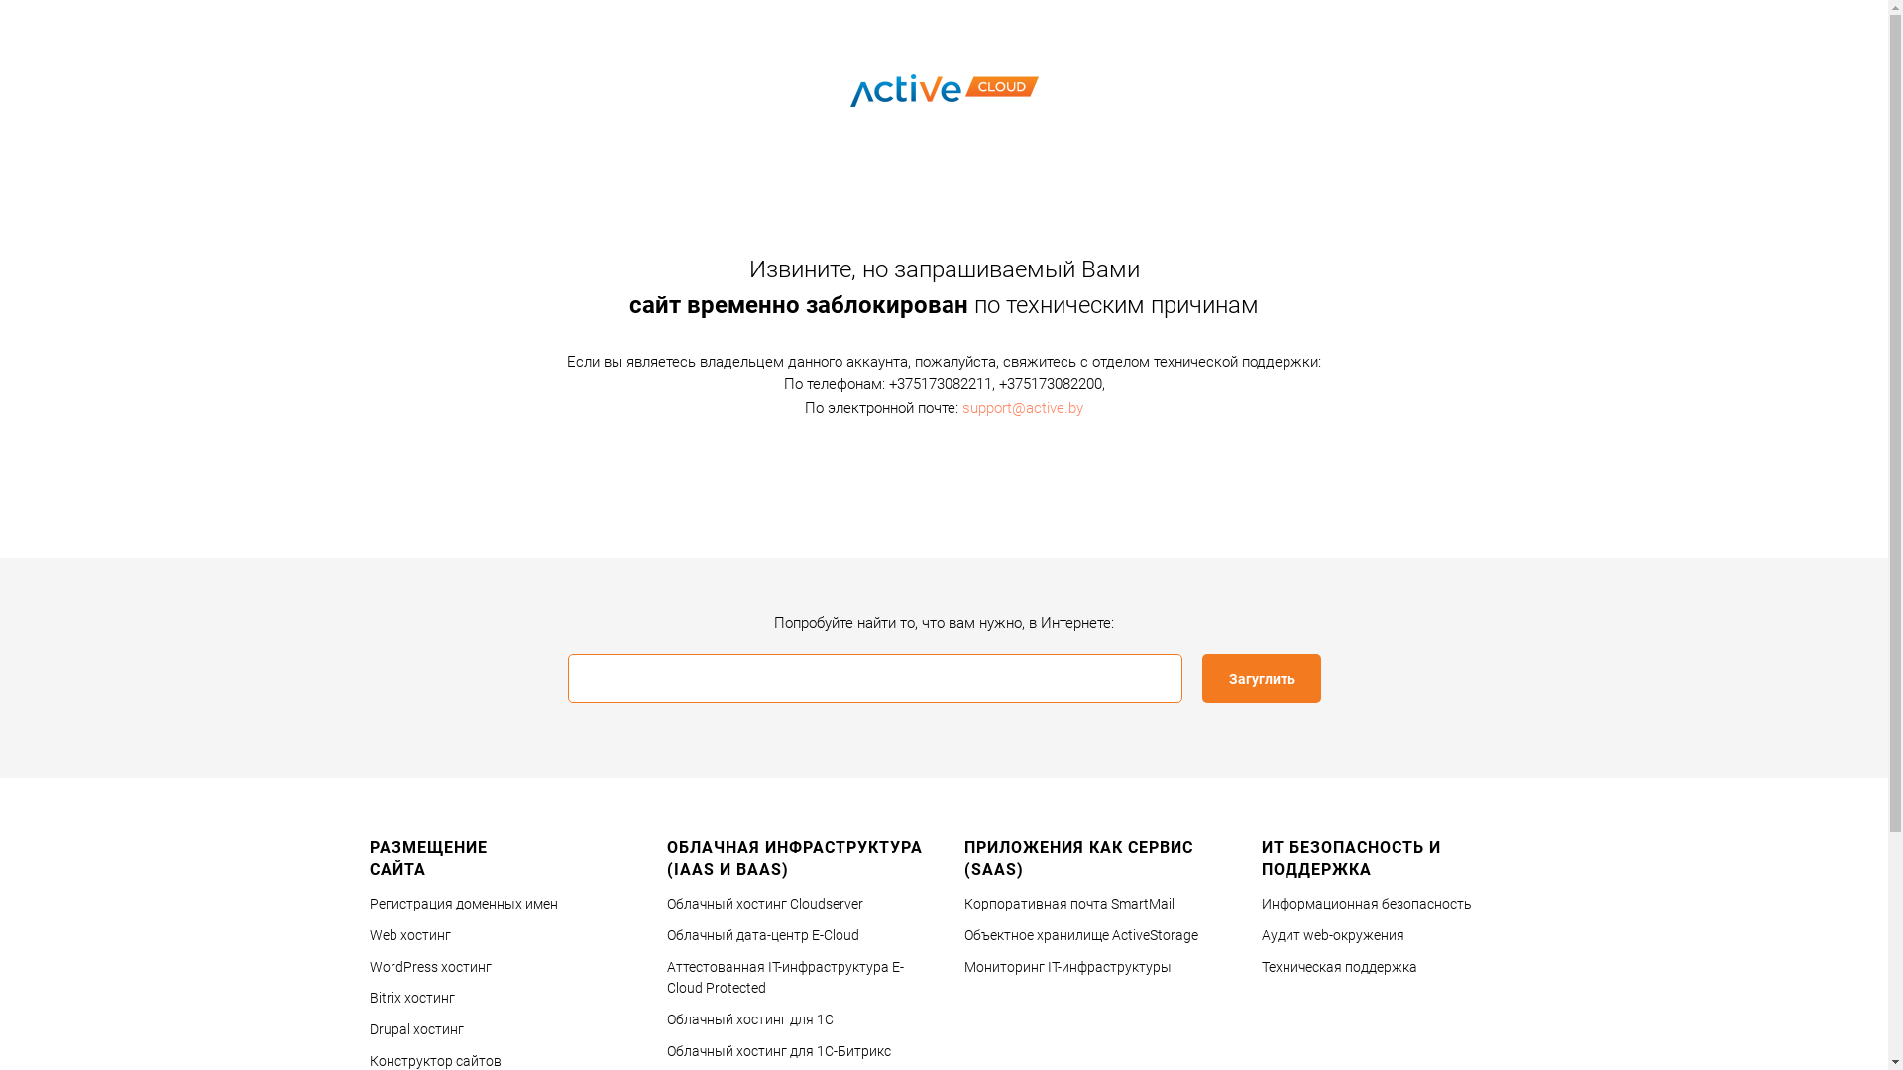  What do you see at coordinates (1023, 406) in the screenshot?
I see `'support@active.by'` at bounding box center [1023, 406].